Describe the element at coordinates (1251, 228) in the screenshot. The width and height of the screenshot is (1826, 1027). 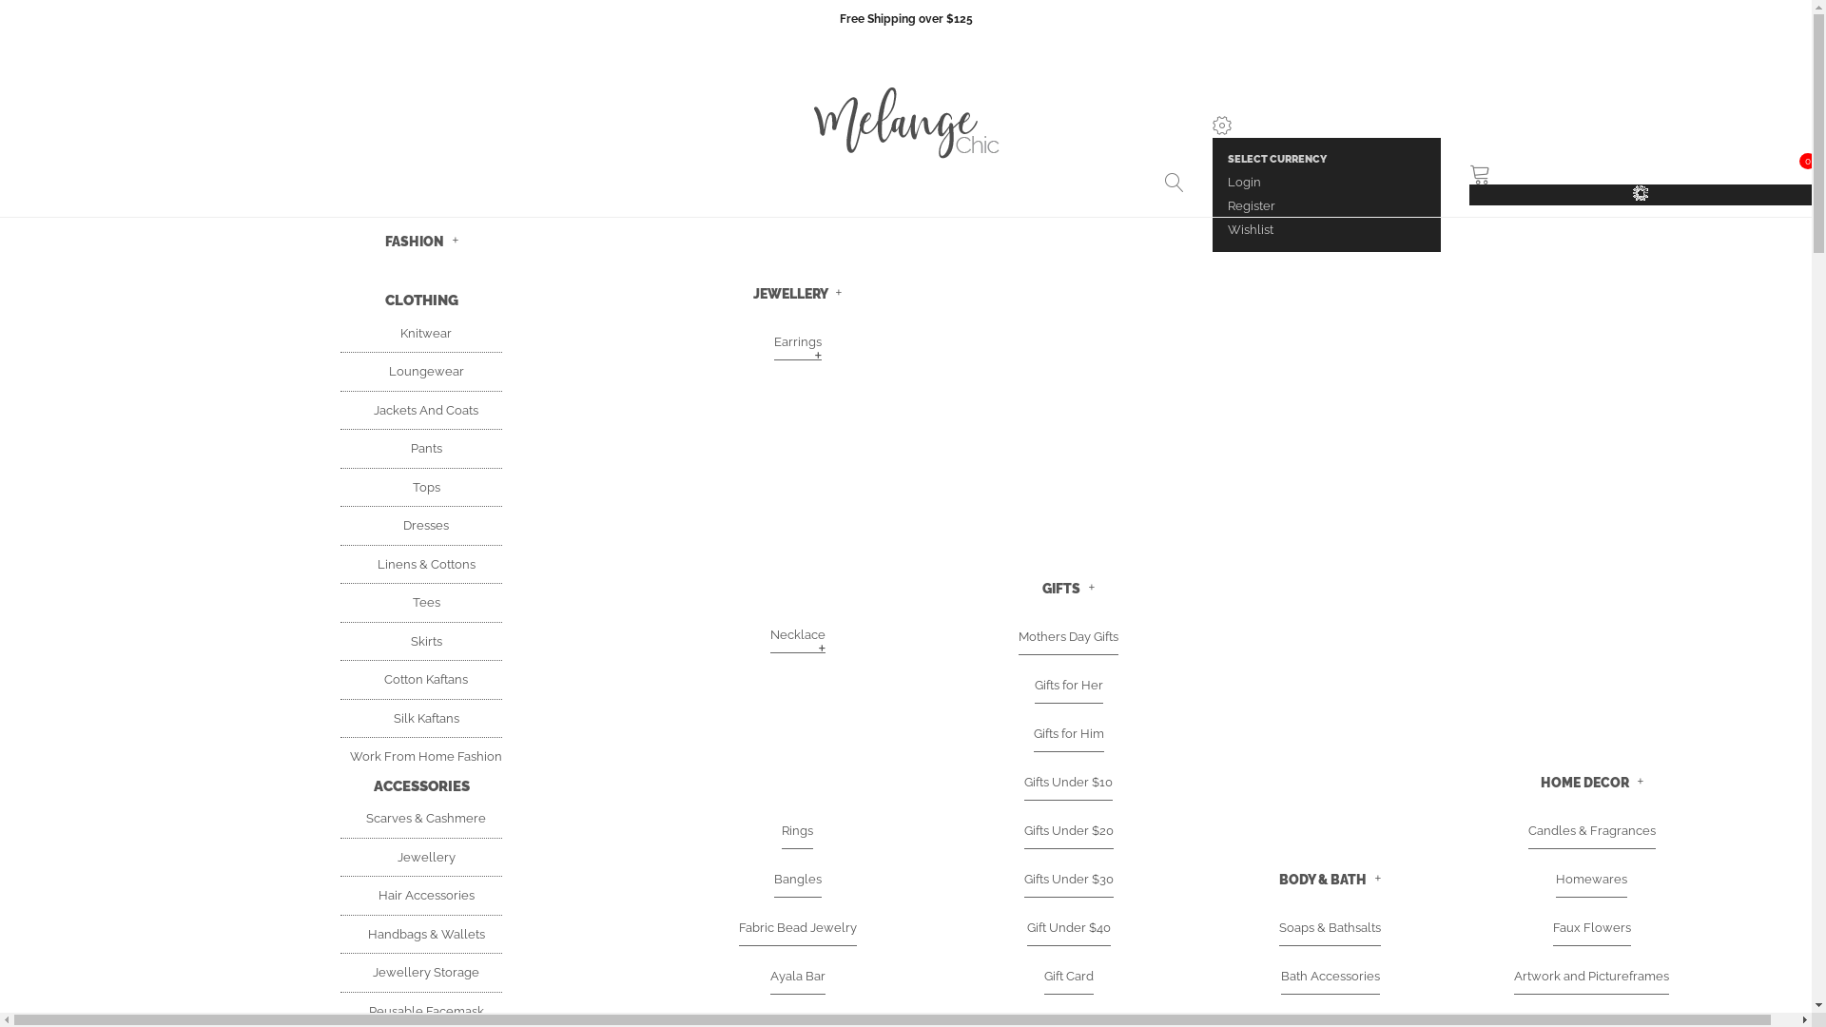
I see `'Wishlist'` at that location.